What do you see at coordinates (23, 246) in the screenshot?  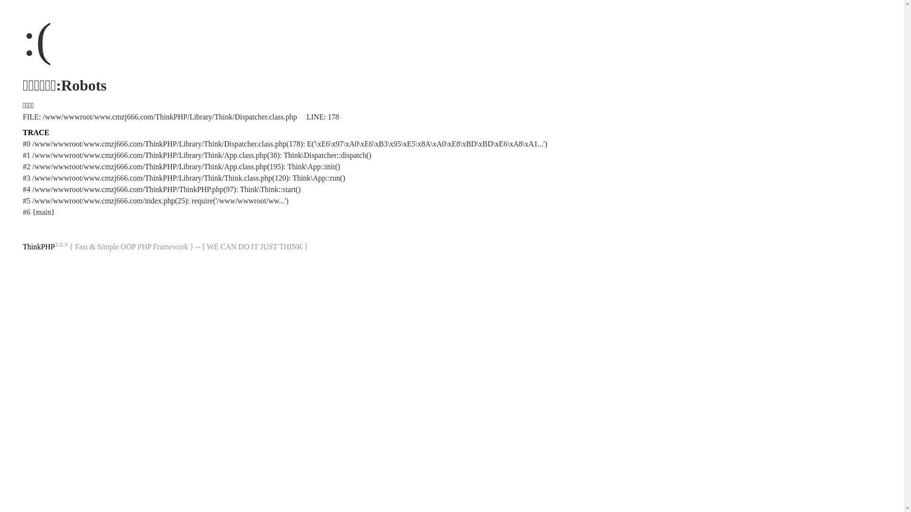 I see `'ThinkPHP'` at bounding box center [23, 246].